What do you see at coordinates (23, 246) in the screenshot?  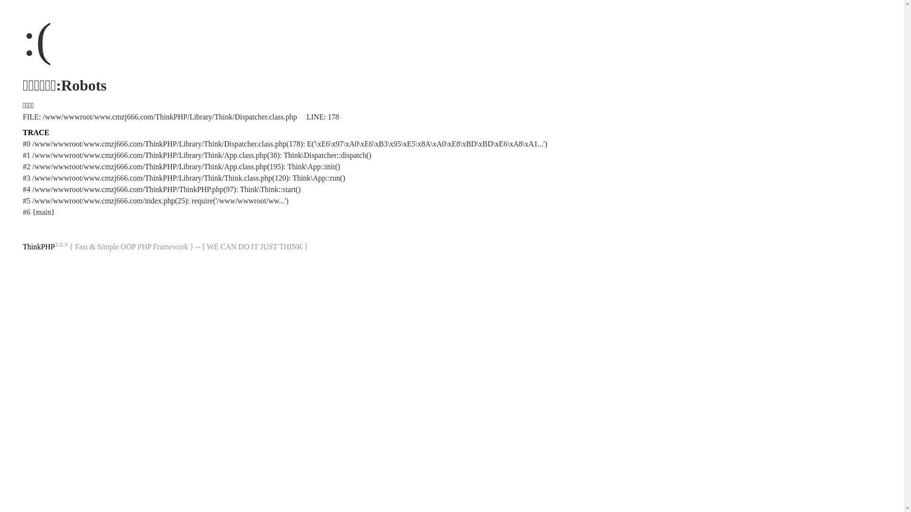 I see `'ThinkPHP'` at bounding box center [23, 246].